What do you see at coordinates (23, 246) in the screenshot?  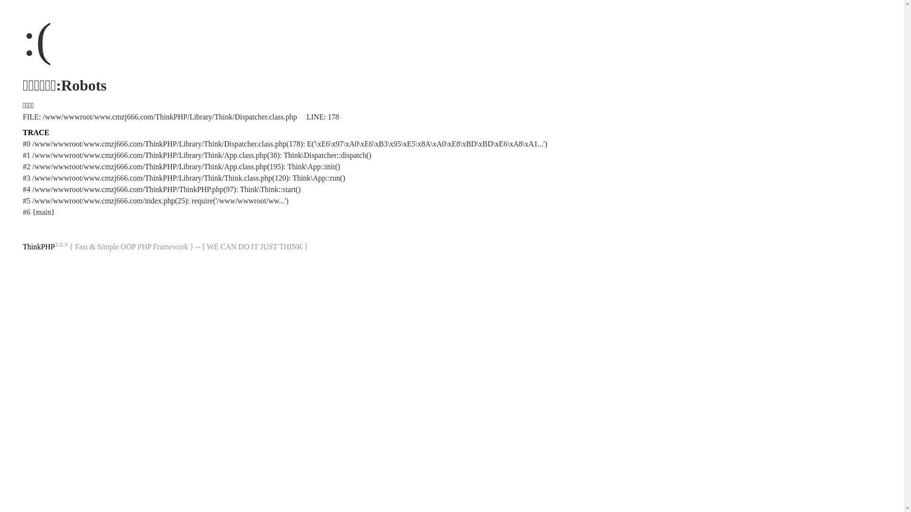 I see `'ThinkPHP'` at bounding box center [23, 246].